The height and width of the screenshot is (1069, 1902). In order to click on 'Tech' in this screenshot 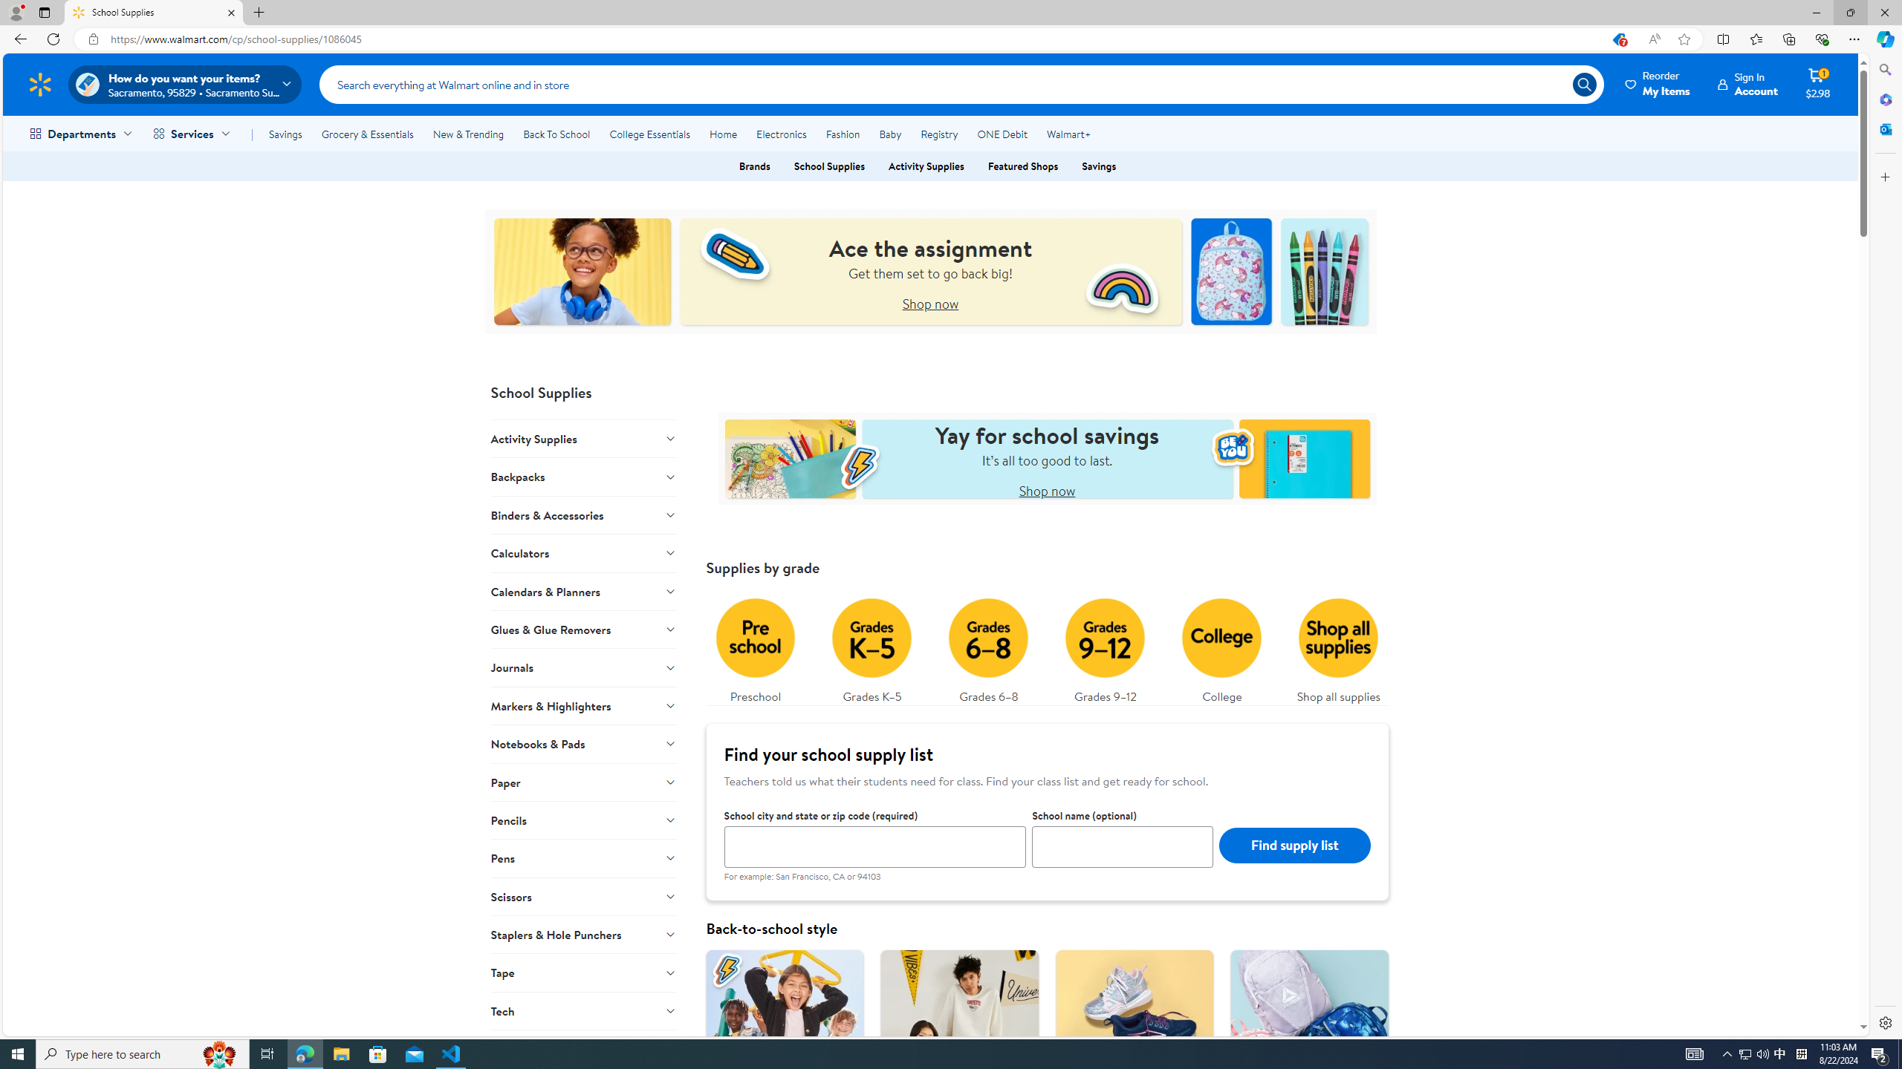, I will do `click(582, 1010)`.